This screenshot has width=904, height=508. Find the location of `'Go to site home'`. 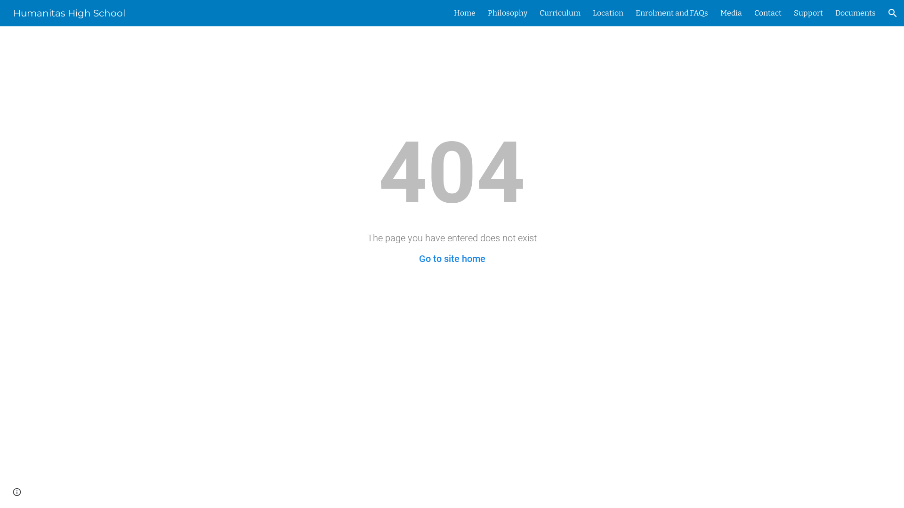

'Go to site home' is located at coordinates (452, 259).